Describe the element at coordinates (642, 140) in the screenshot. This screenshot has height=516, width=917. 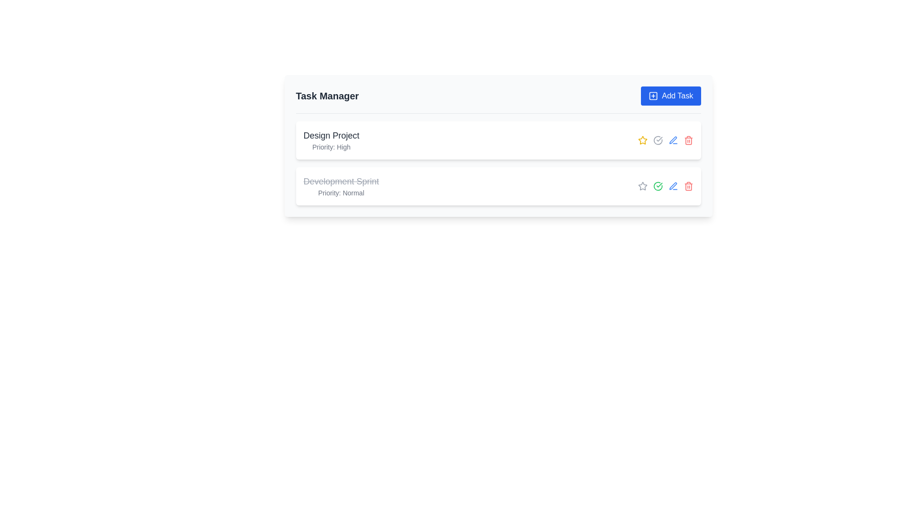
I see `the leftmost star icon in the task list interface` at that location.